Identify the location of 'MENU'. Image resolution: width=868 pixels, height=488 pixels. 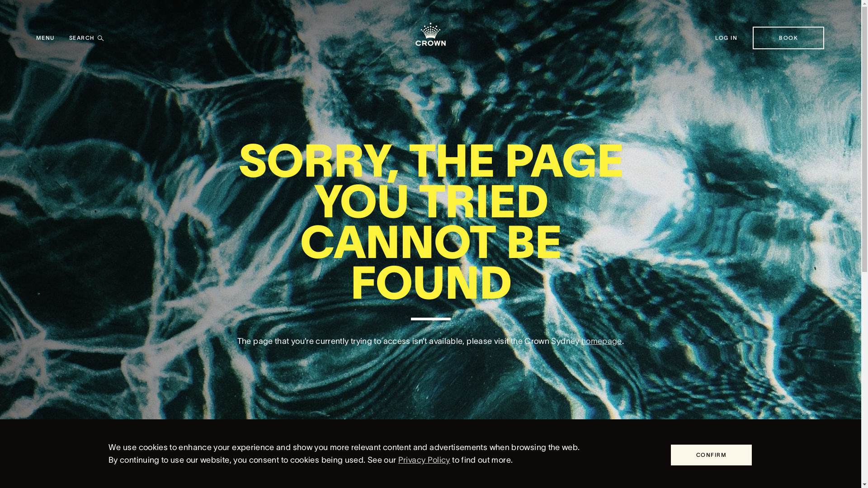
(36, 38).